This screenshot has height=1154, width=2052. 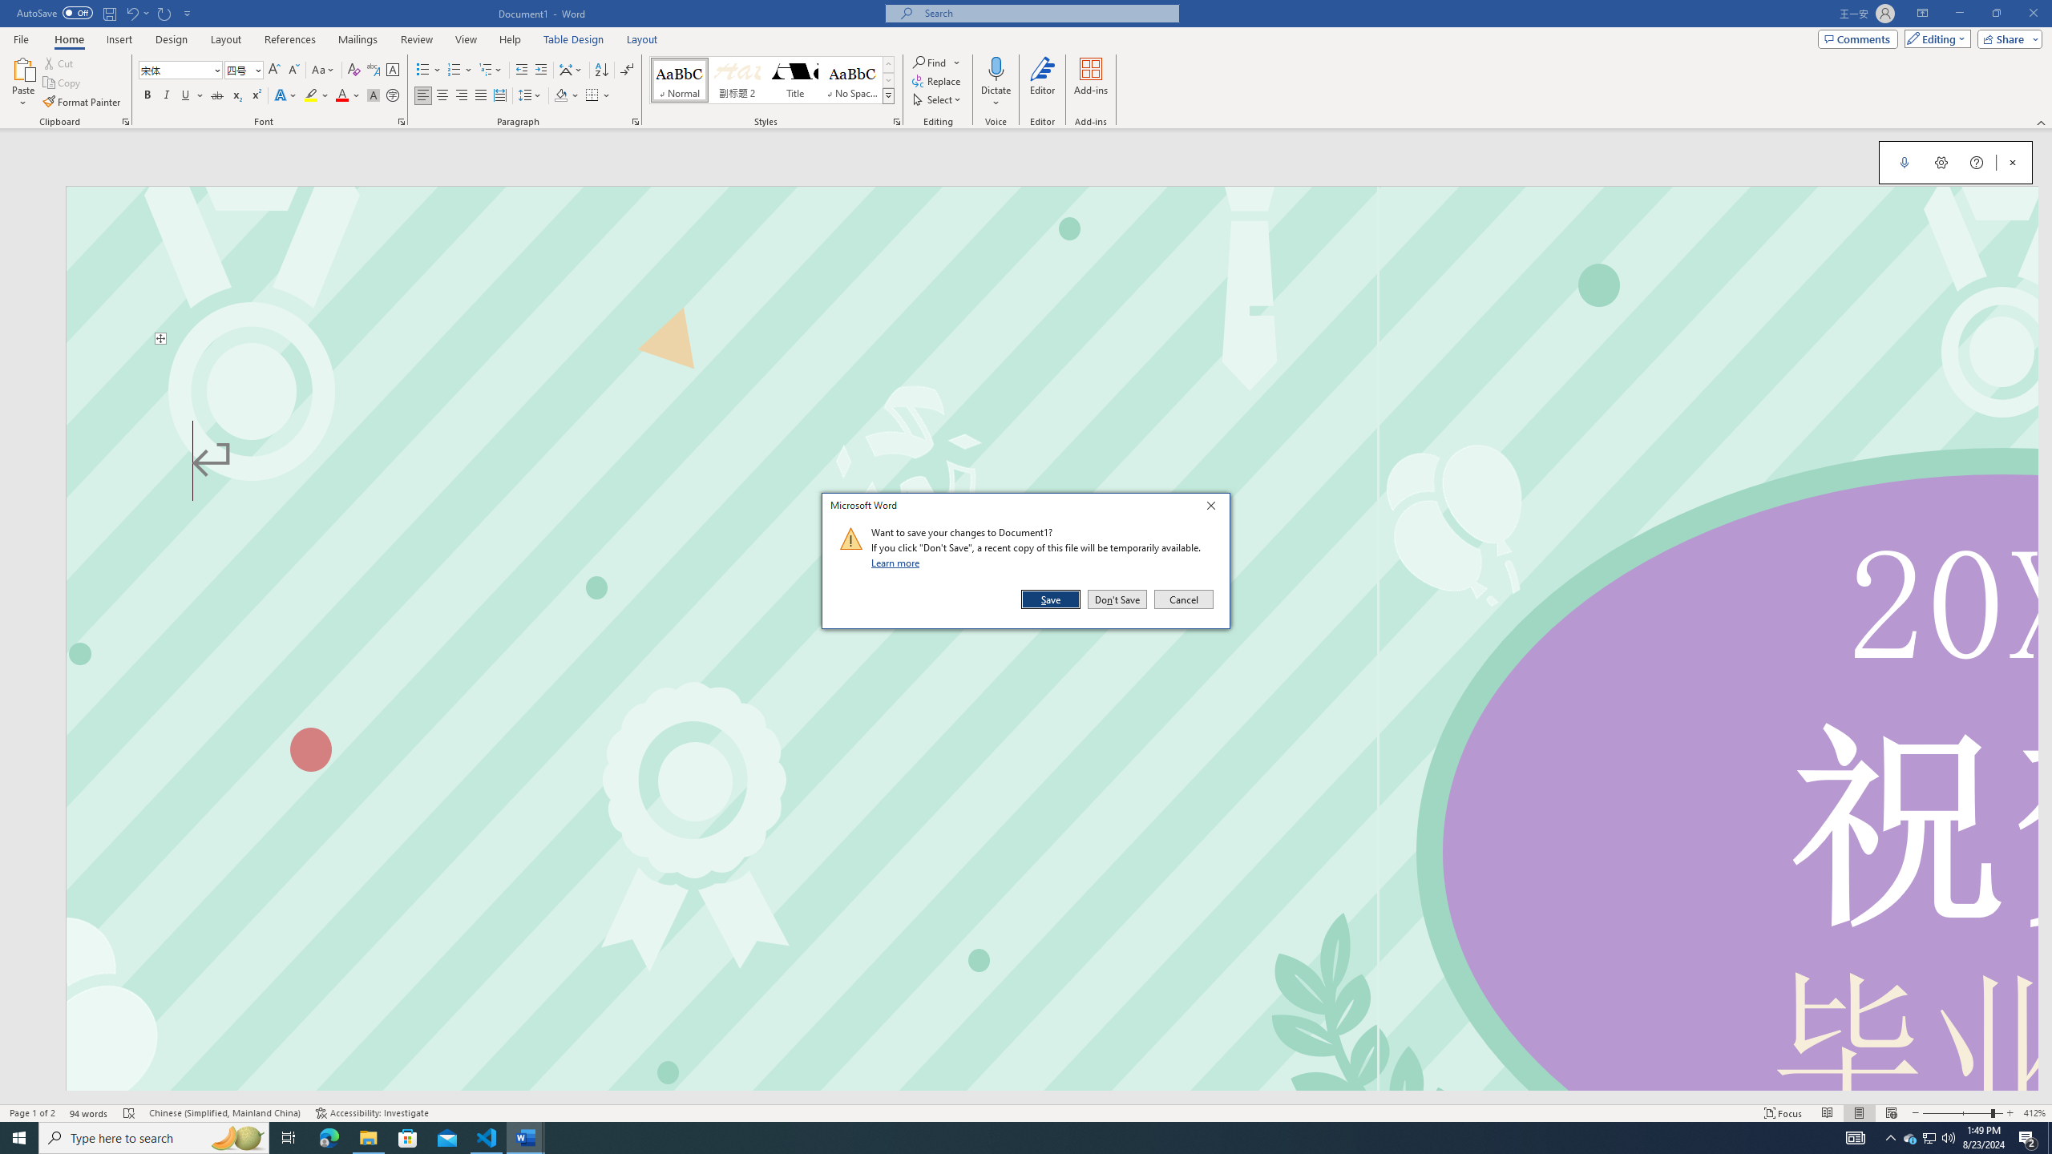 What do you see at coordinates (1856, 1136) in the screenshot?
I see `'AutomationID: 4105'` at bounding box center [1856, 1136].